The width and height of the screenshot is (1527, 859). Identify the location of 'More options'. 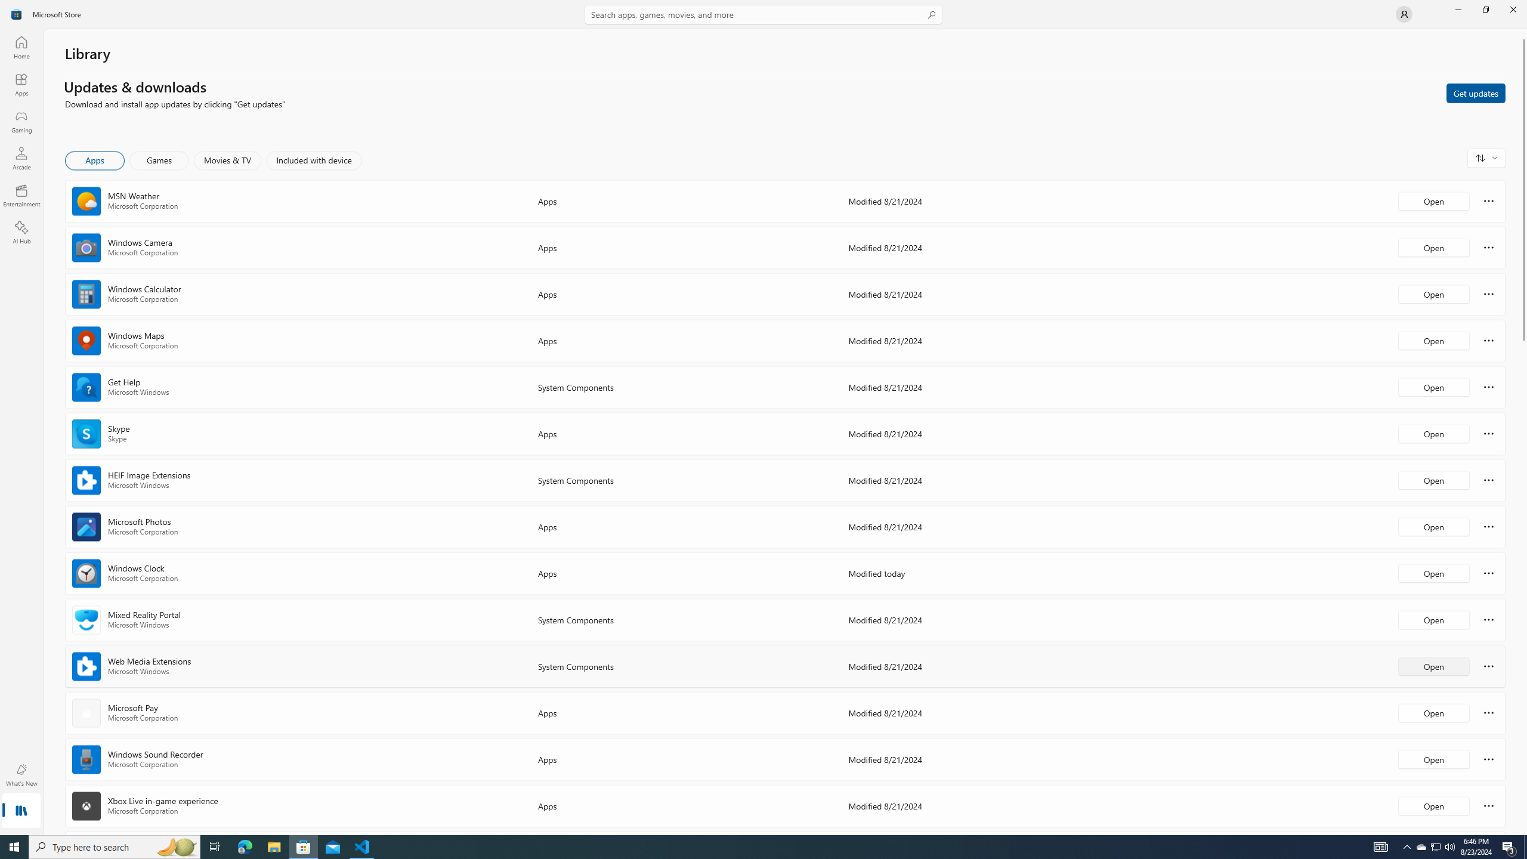
(1488, 805).